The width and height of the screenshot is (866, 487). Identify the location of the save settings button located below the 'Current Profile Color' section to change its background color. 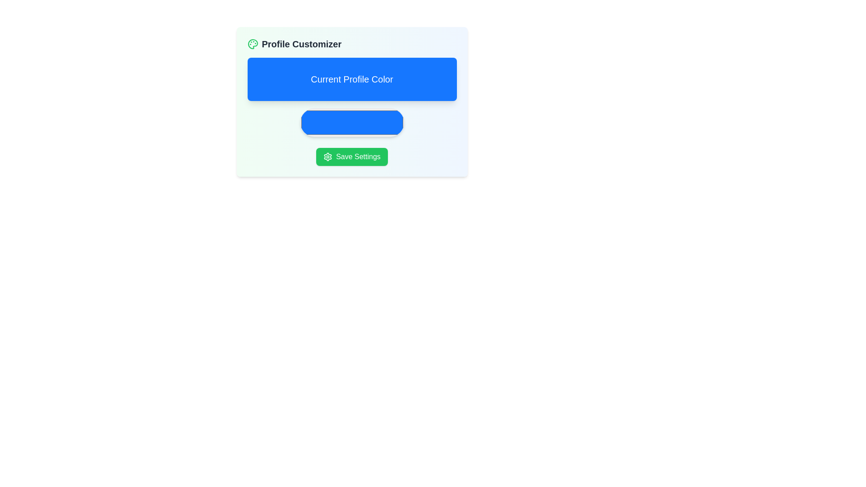
(351, 156).